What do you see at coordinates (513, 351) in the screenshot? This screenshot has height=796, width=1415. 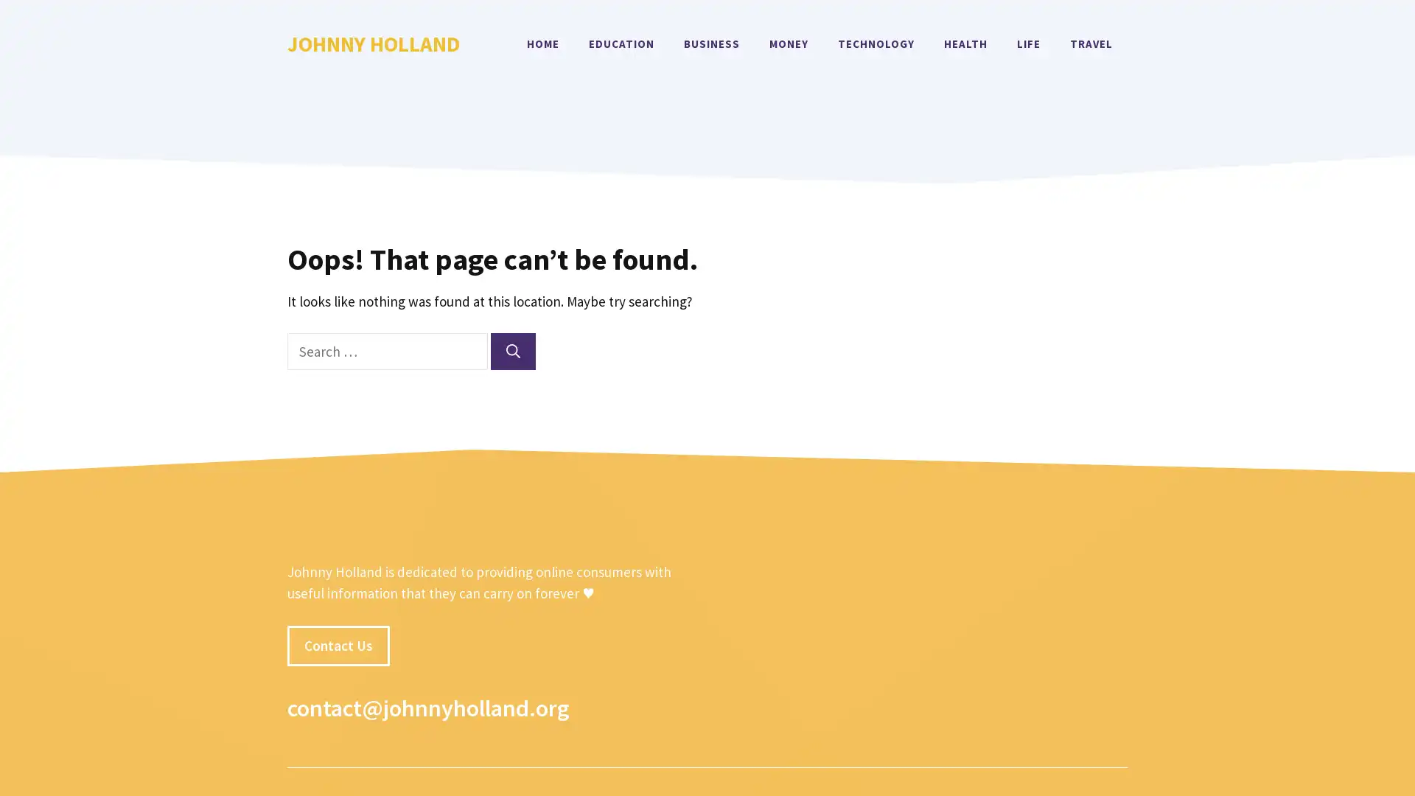 I see `Search` at bounding box center [513, 351].